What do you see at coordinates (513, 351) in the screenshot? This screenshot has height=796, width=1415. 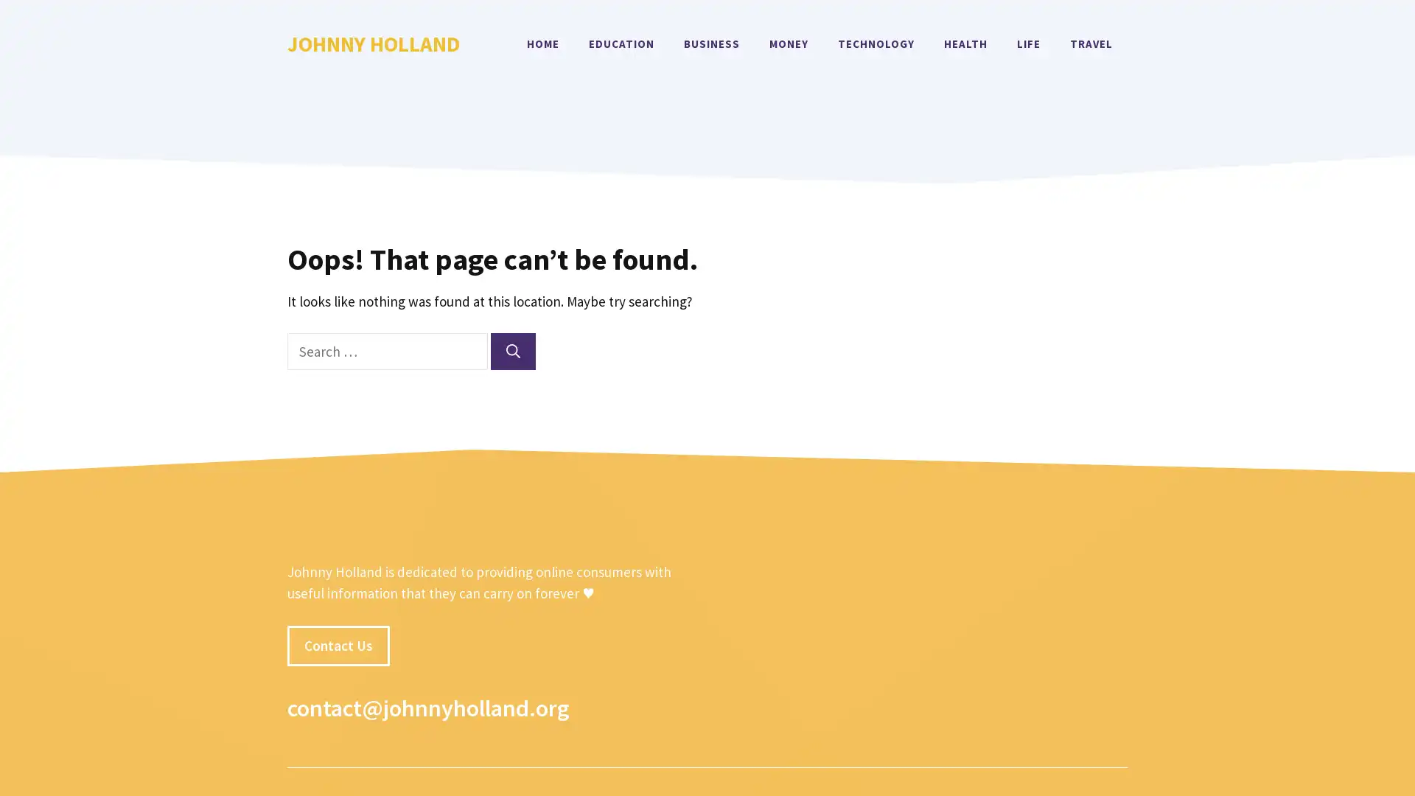 I see `Search` at bounding box center [513, 351].